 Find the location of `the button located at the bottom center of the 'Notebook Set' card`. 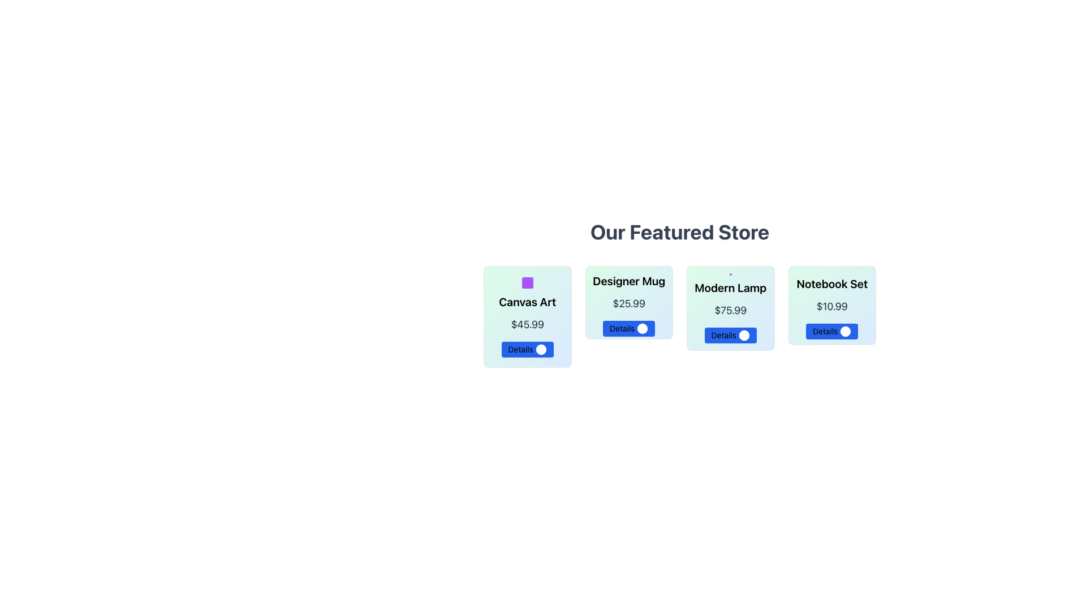

the button located at the bottom center of the 'Notebook Set' card is located at coordinates (832, 330).